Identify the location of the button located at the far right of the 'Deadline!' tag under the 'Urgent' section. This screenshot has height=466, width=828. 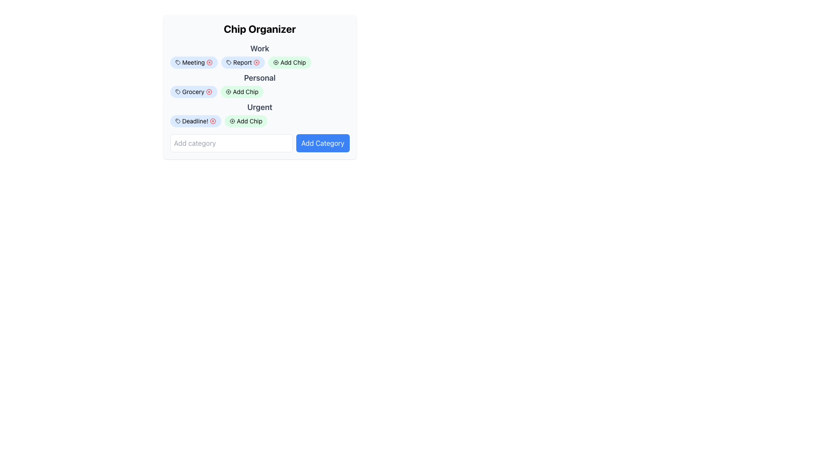
(213, 121).